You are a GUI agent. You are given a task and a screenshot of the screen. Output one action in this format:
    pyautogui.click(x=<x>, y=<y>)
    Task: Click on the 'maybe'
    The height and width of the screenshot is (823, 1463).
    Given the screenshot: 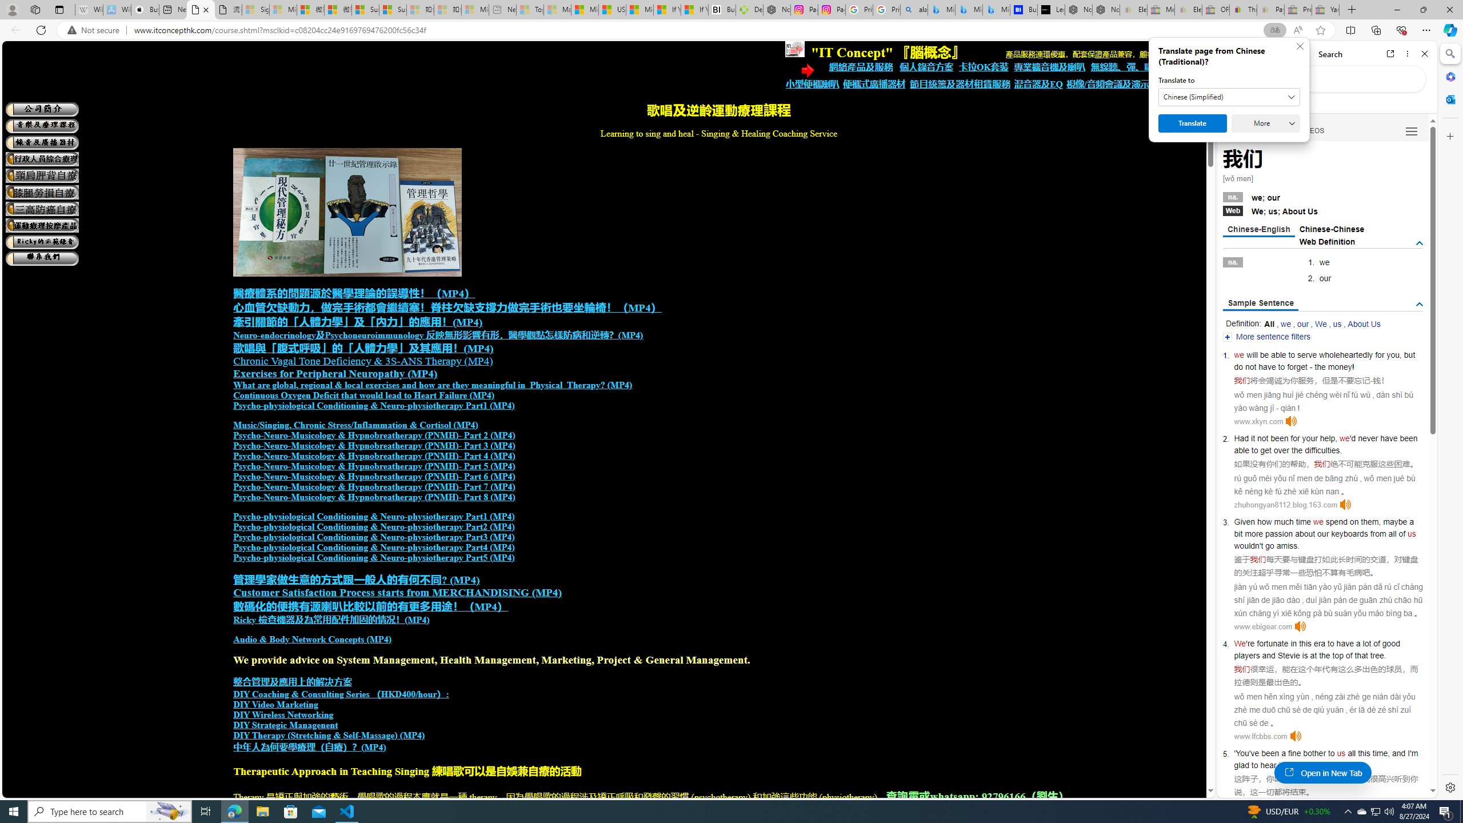 What is the action you would take?
    pyautogui.click(x=1394, y=521)
    